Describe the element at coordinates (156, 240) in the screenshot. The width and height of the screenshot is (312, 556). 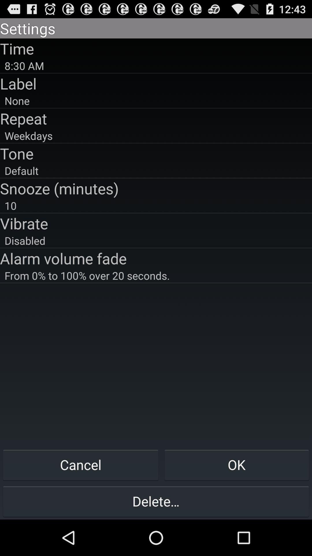
I see `the icon above the alarm volume fade` at that location.